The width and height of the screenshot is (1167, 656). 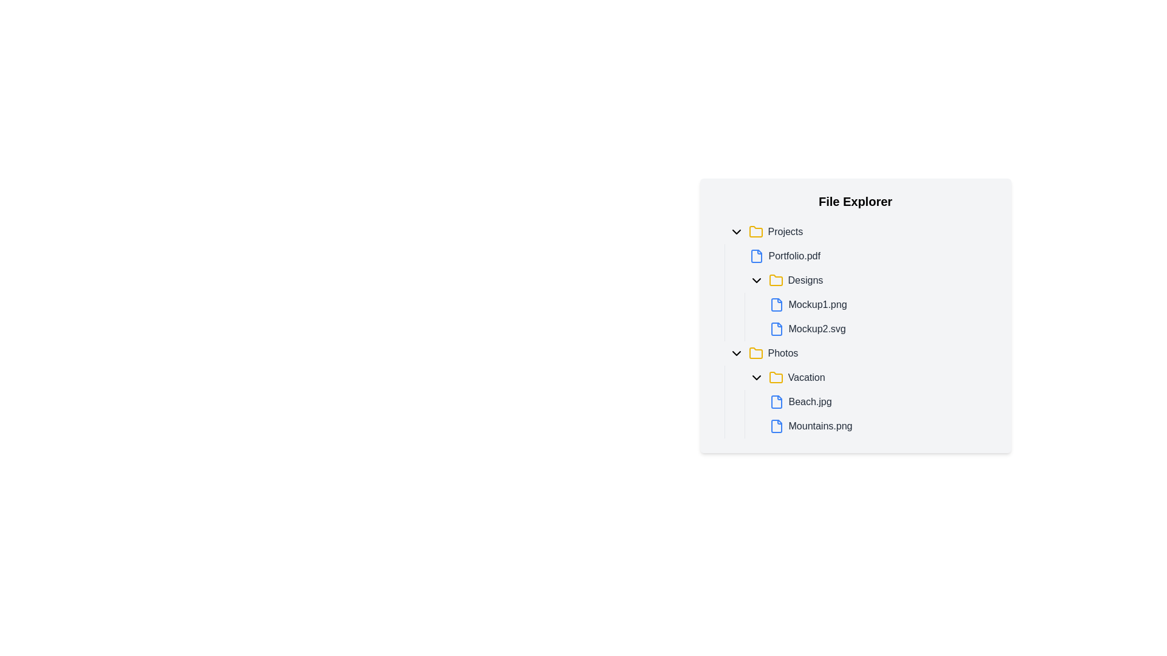 What do you see at coordinates (756, 281) in the screenshot?
I see `the Toggle icon (chevron arrow)` at bounding box center [756, 281].